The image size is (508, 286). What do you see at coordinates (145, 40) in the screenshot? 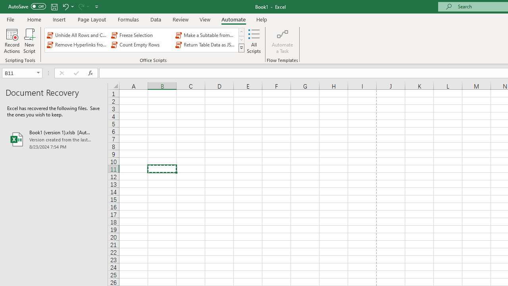
I see `'AutomationID: OfficeScriptsGallery'` at bounding box center [145, 40].